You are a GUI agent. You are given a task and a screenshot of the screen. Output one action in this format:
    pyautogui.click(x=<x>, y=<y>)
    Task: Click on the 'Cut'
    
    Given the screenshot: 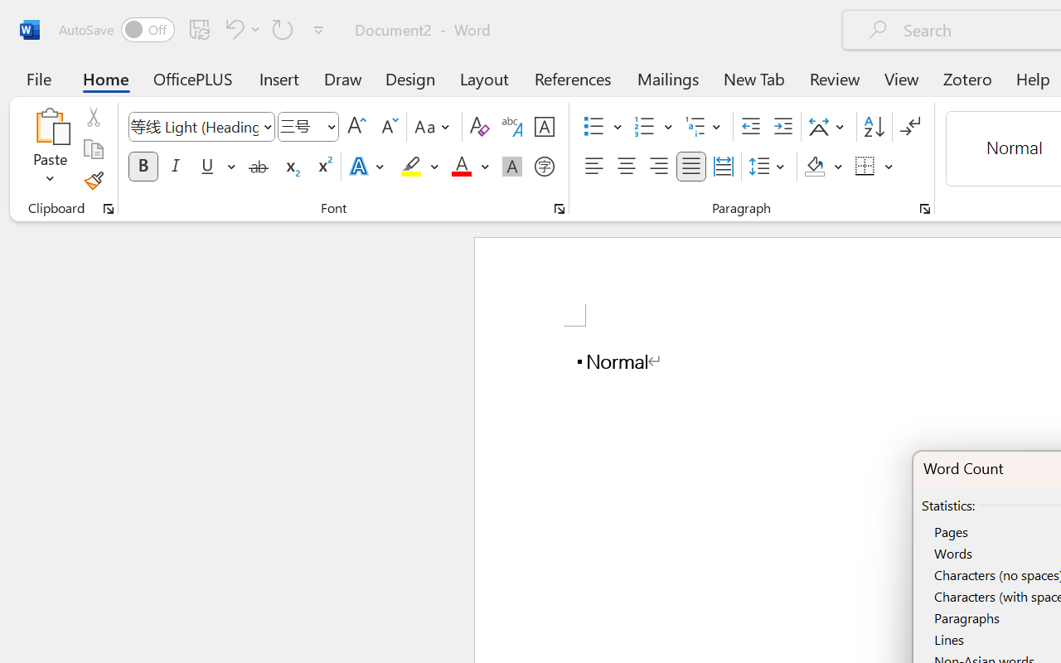 What is the action you would take?
    pyautogui.click(x=92, y=117)
    